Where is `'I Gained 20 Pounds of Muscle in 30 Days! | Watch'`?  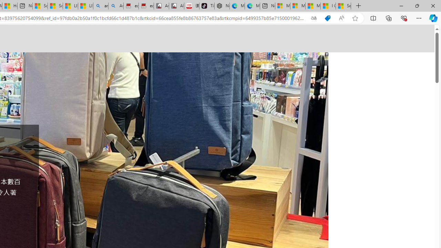 'I Gained 20 Pounds of Muscle in 30 Days! | Watch' is located at coordinates (328, 6).